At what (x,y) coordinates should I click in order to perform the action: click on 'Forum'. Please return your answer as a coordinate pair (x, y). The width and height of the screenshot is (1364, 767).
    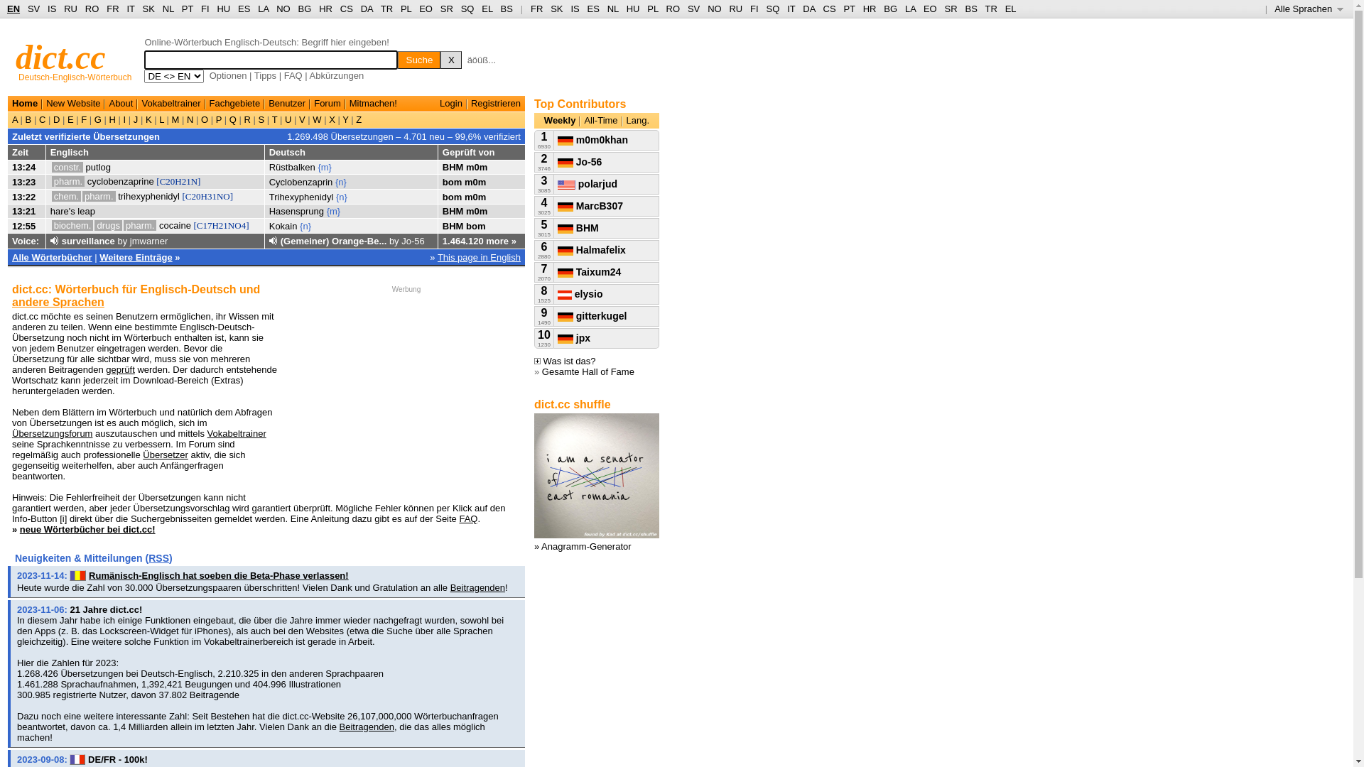
    Looking at the image, I should click on (313, 102).